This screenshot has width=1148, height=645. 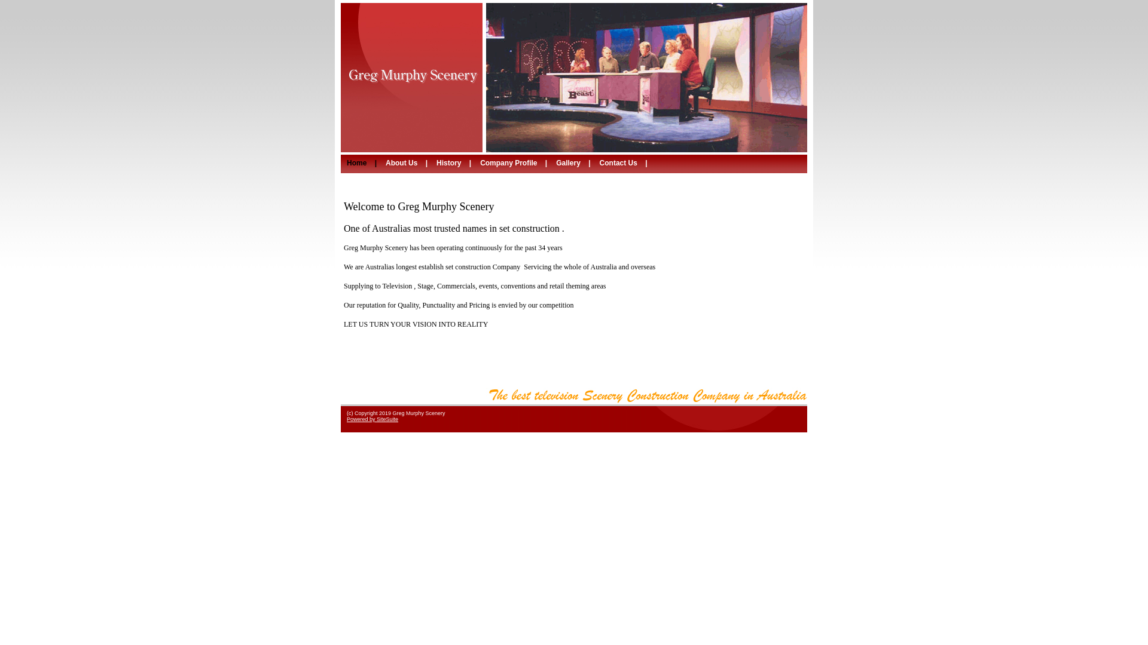 I want to click on 'Company Profile    |   ', so click(x=515, y=163).